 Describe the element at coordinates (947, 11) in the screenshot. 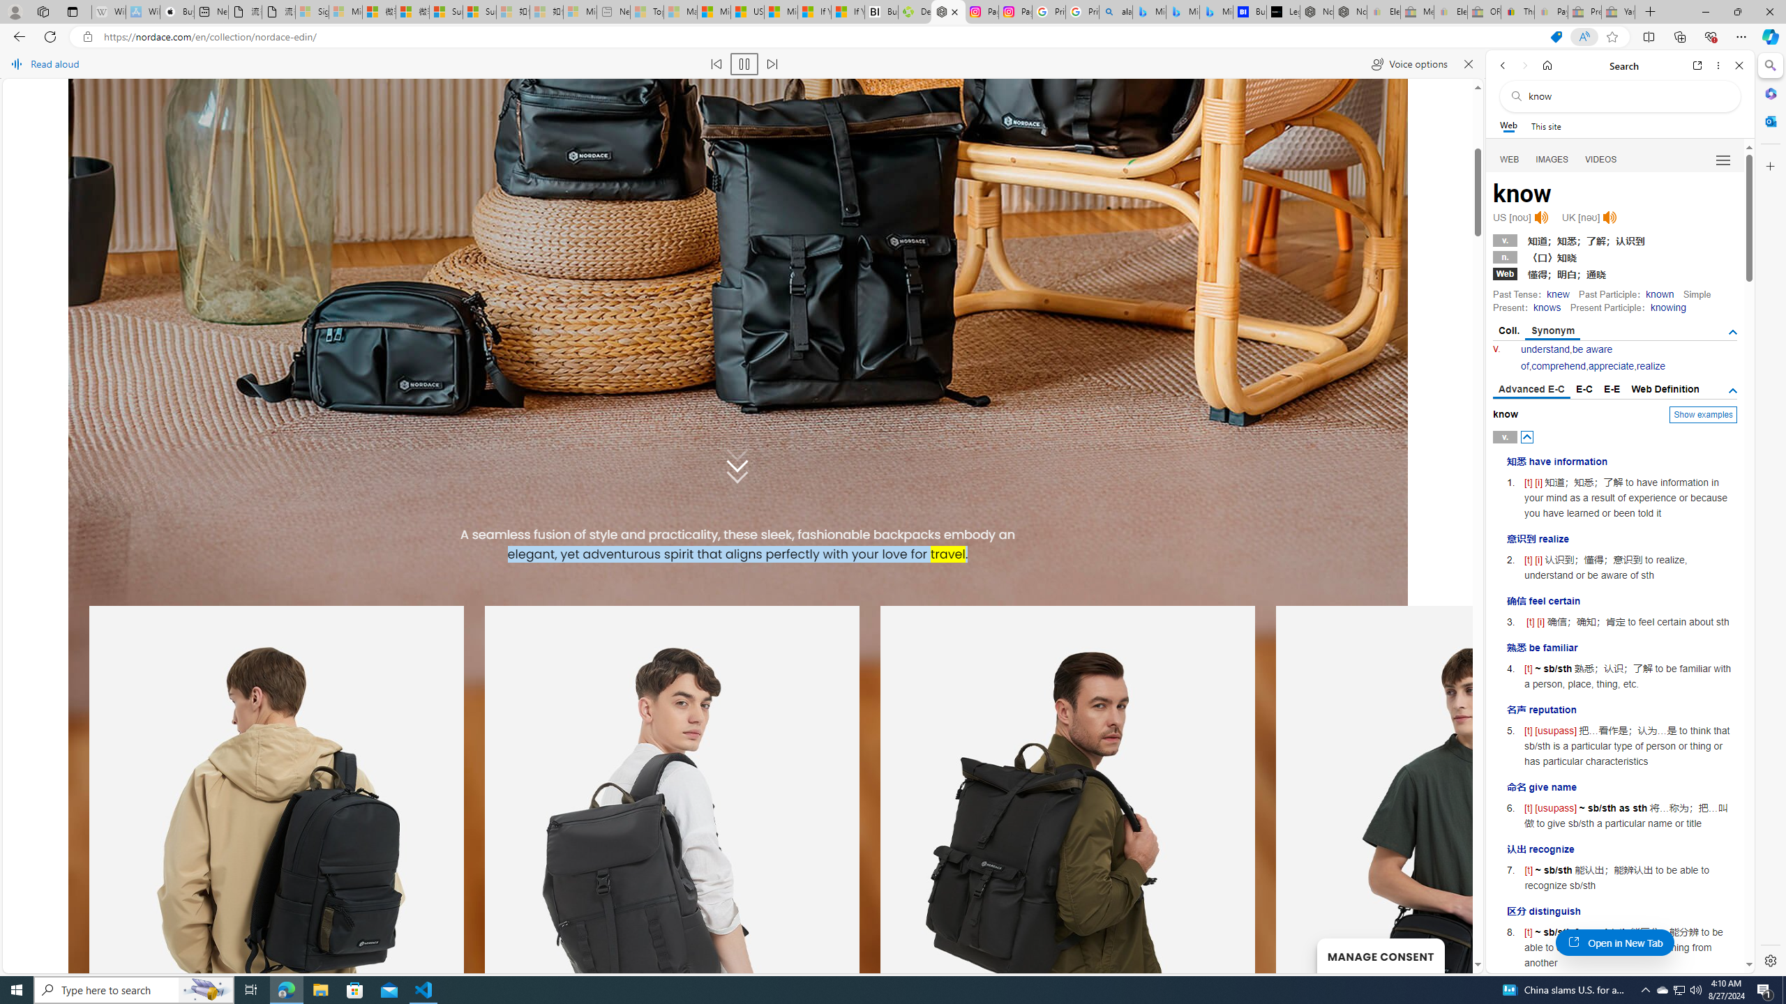

I see `'Nordace - Nordace Edin Collection'` at that location.